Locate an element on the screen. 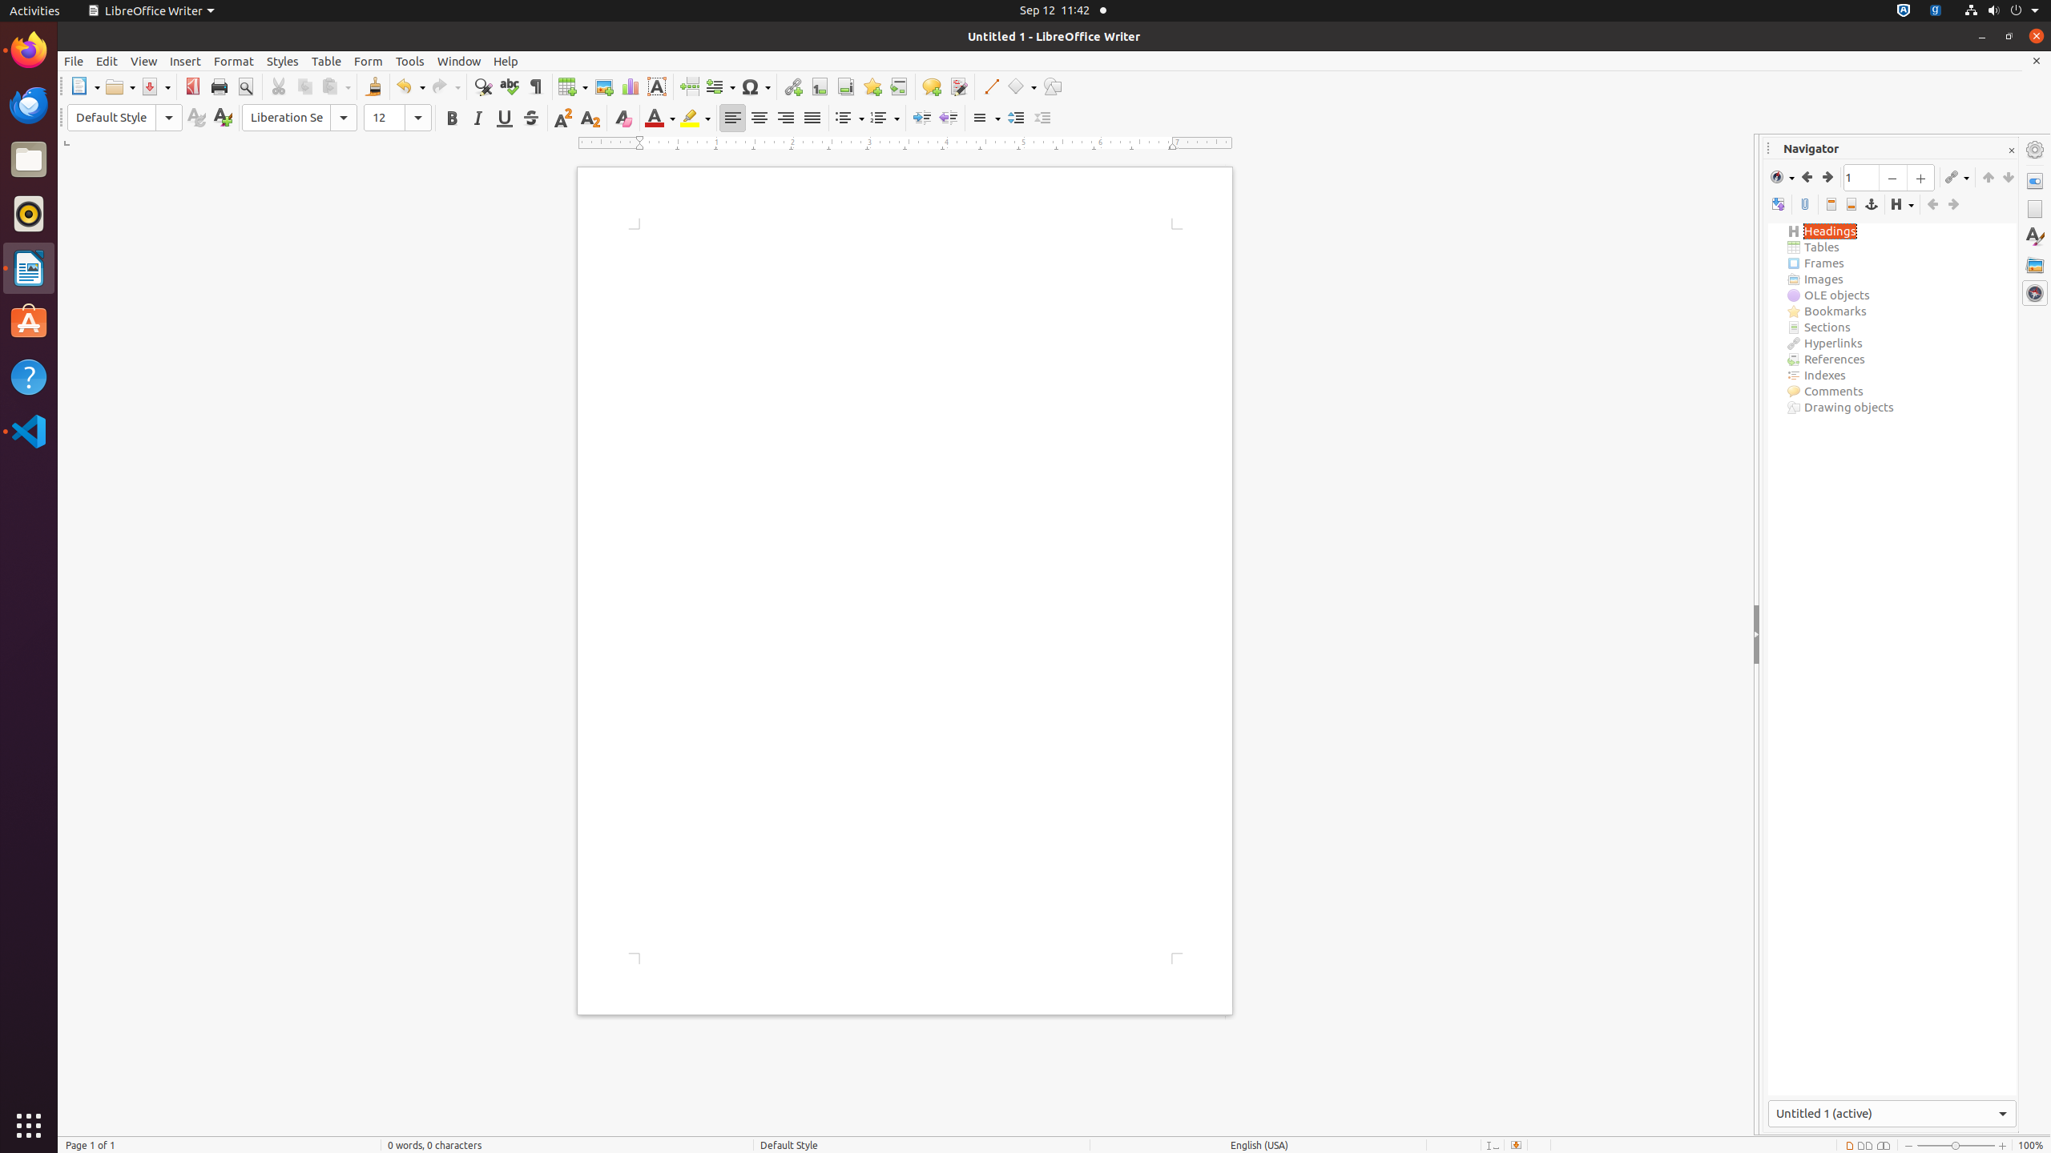  'Numbering' is located at coordinates (884, 117).